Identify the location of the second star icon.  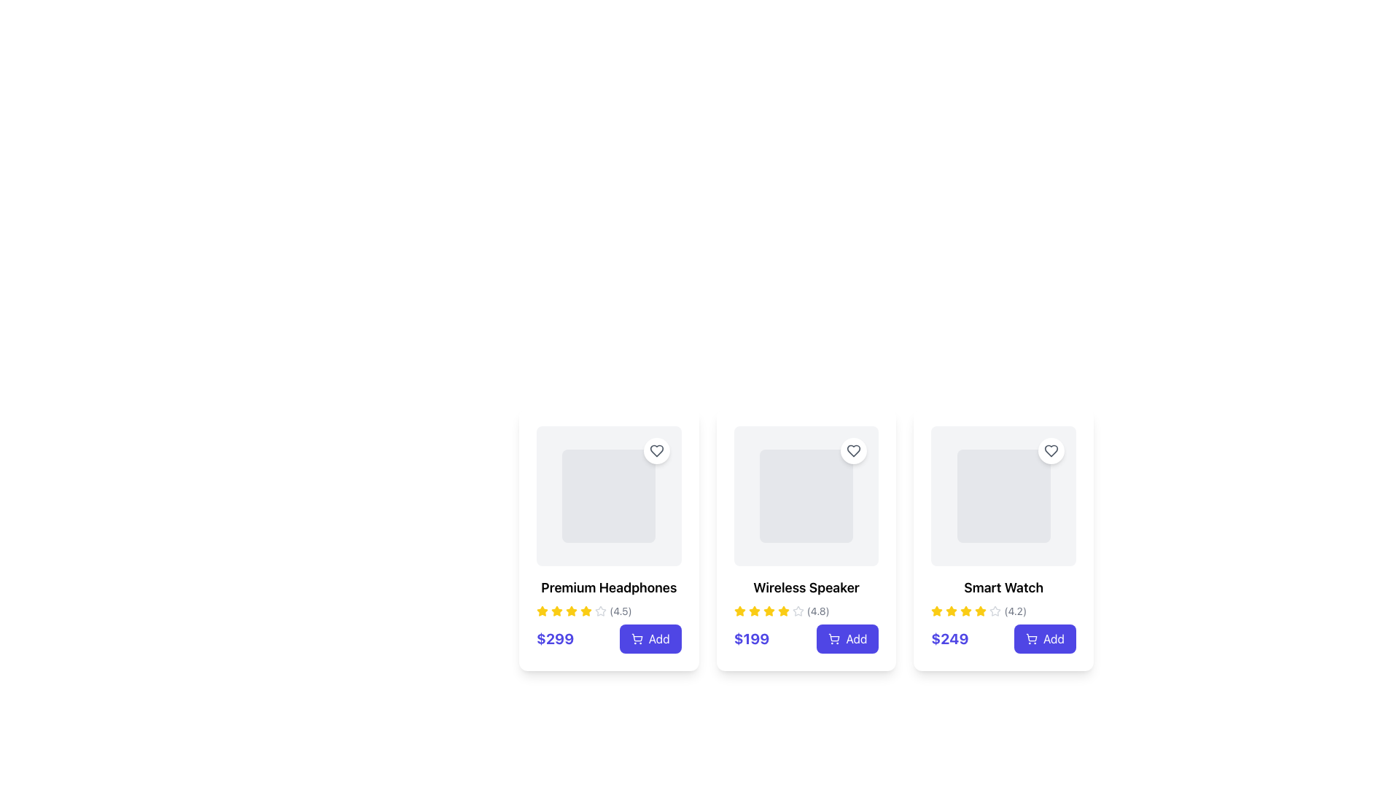
(753, 611).